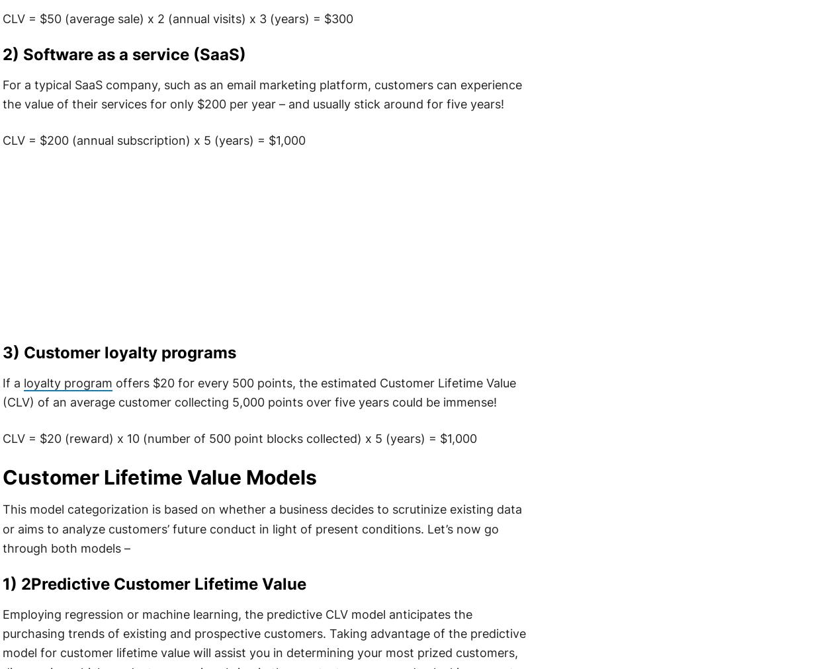 This screenshot has width=827, height=669. I want to click on 'offers $20 for every 500 points, the estimated Customer Lifetime Value (CLV) of an average customer collecting 5,000 points over five years could be immense!', so click(1, 391).